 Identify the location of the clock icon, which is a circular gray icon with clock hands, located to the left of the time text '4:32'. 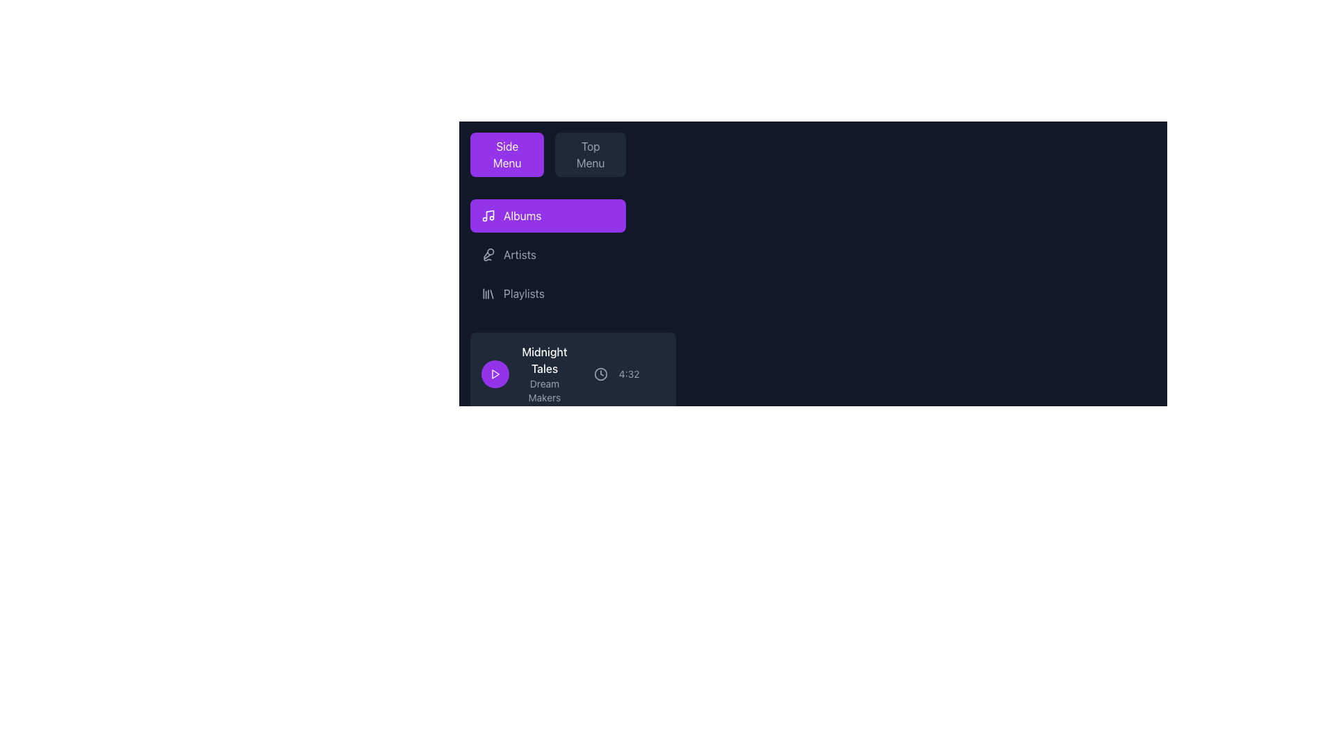
(600, 374).